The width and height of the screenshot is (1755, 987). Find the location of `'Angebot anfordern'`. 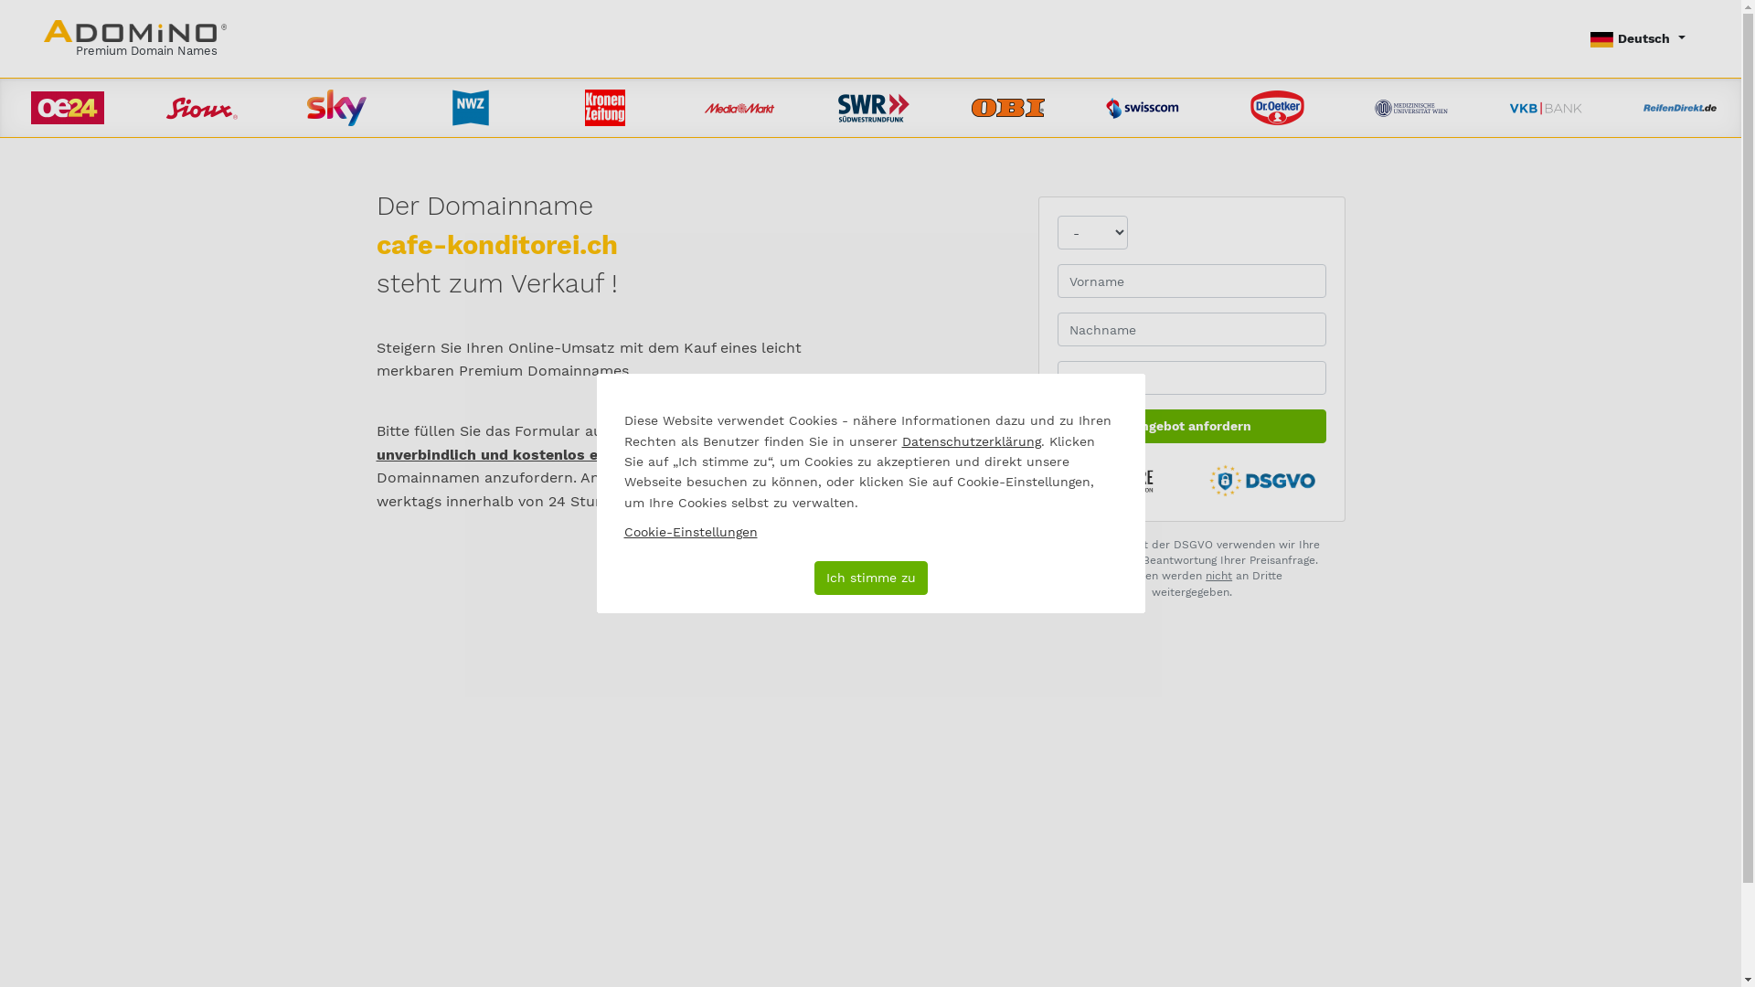

'Angebot anfordern' is located at coordinates (1192, 426).